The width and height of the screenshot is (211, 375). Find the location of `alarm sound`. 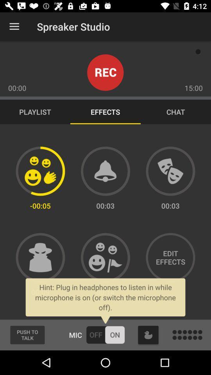

alarm sound is located at coordinates (105, 171).